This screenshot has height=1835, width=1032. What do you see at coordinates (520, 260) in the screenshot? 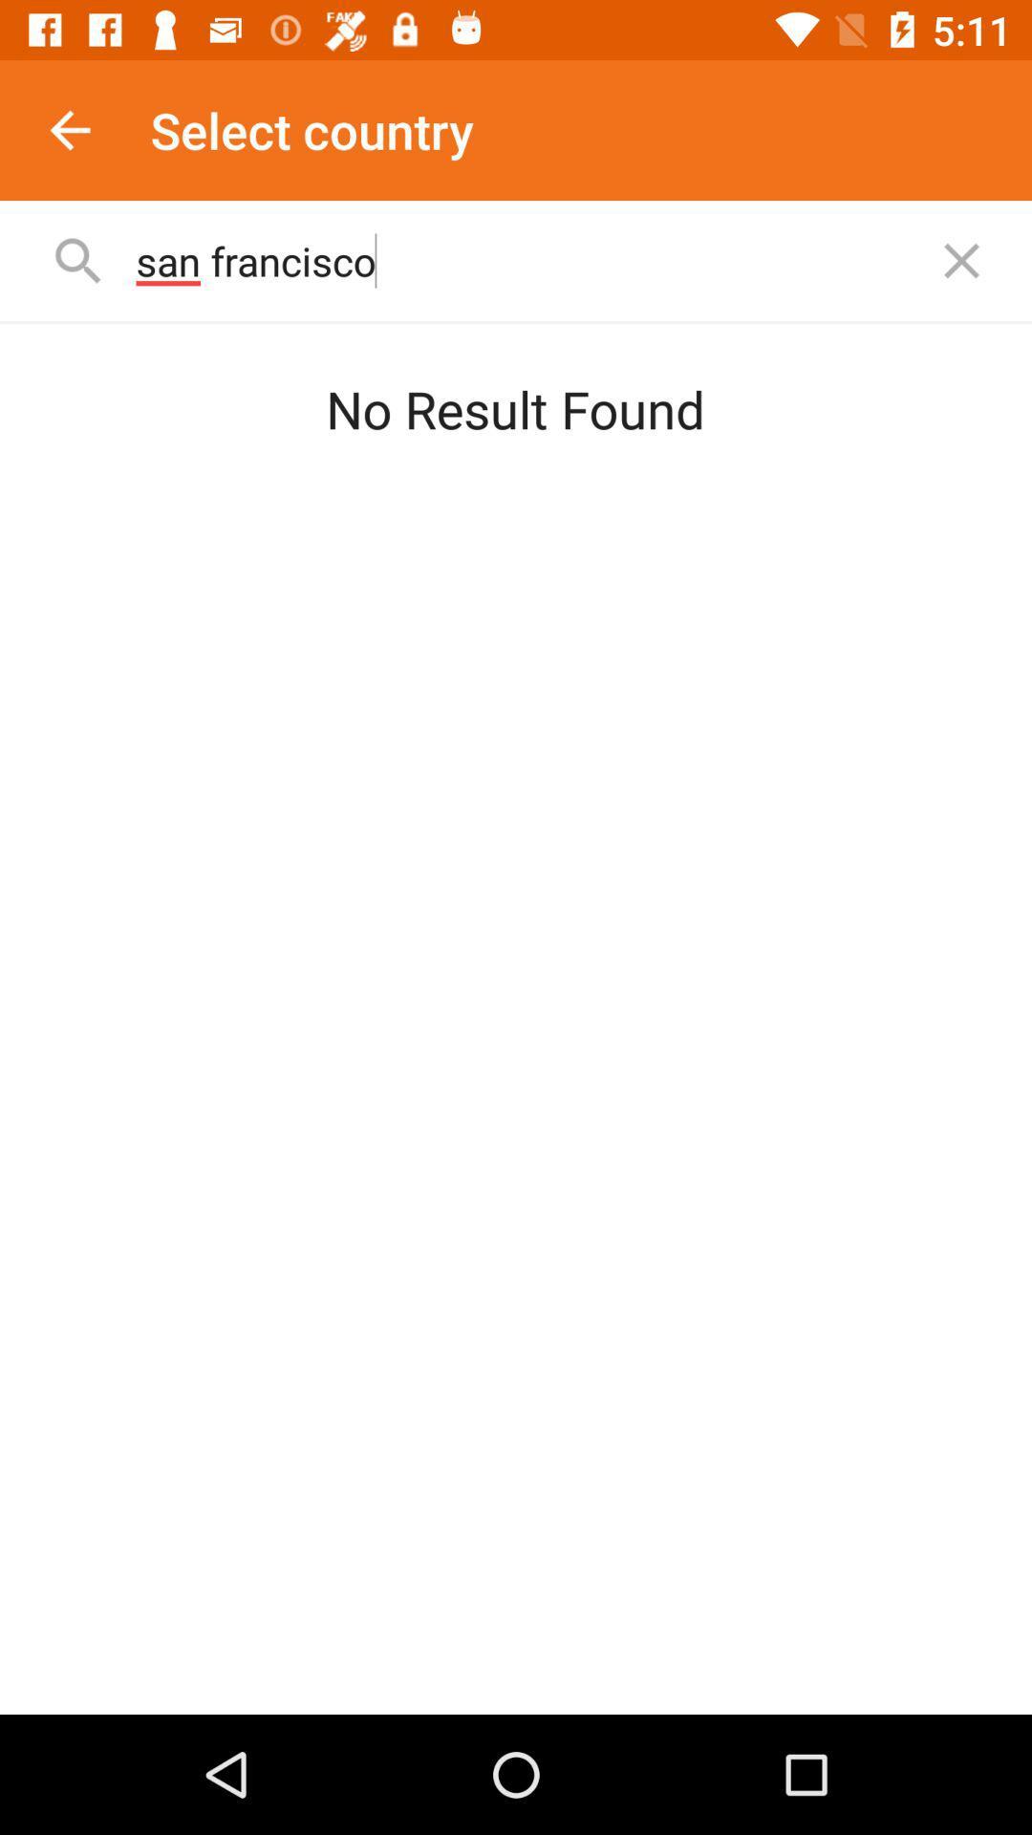
I see `the san francisco` at bounding box center [520, 260].